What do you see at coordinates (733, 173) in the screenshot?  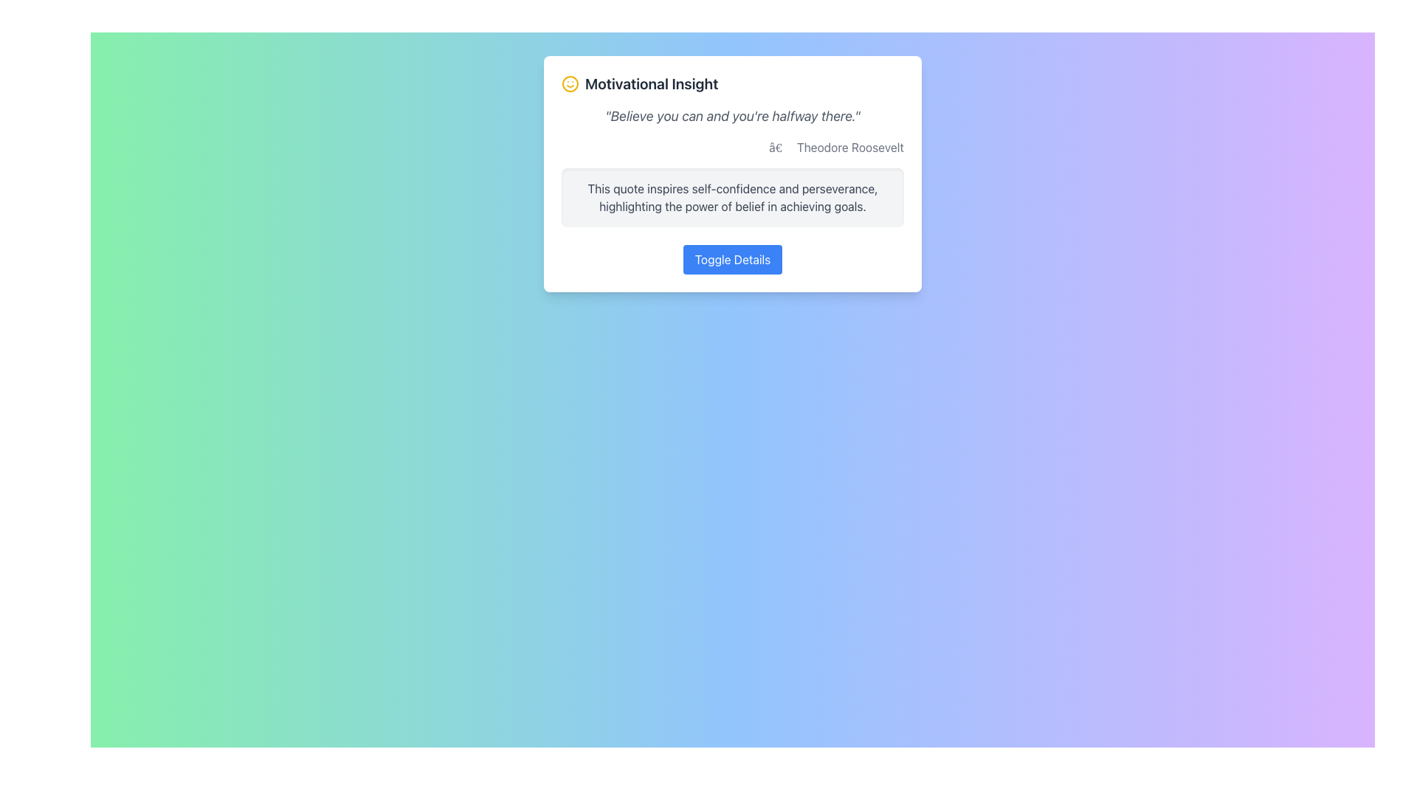 I see `the Informational Card displaying a motivational quote, which is prominently centered in the interface below the 'Motivational Insight' title and above the 'Toggle Details' button` at bounding box center [733, 173].